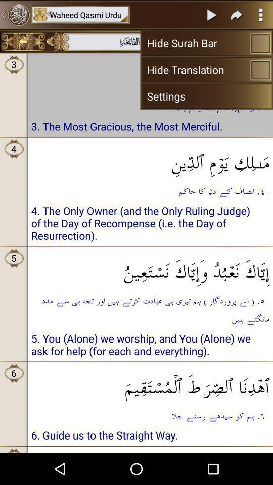  Describe the element at coordinates (212, 15) in the screenshot. I see `the play icon` at that location.